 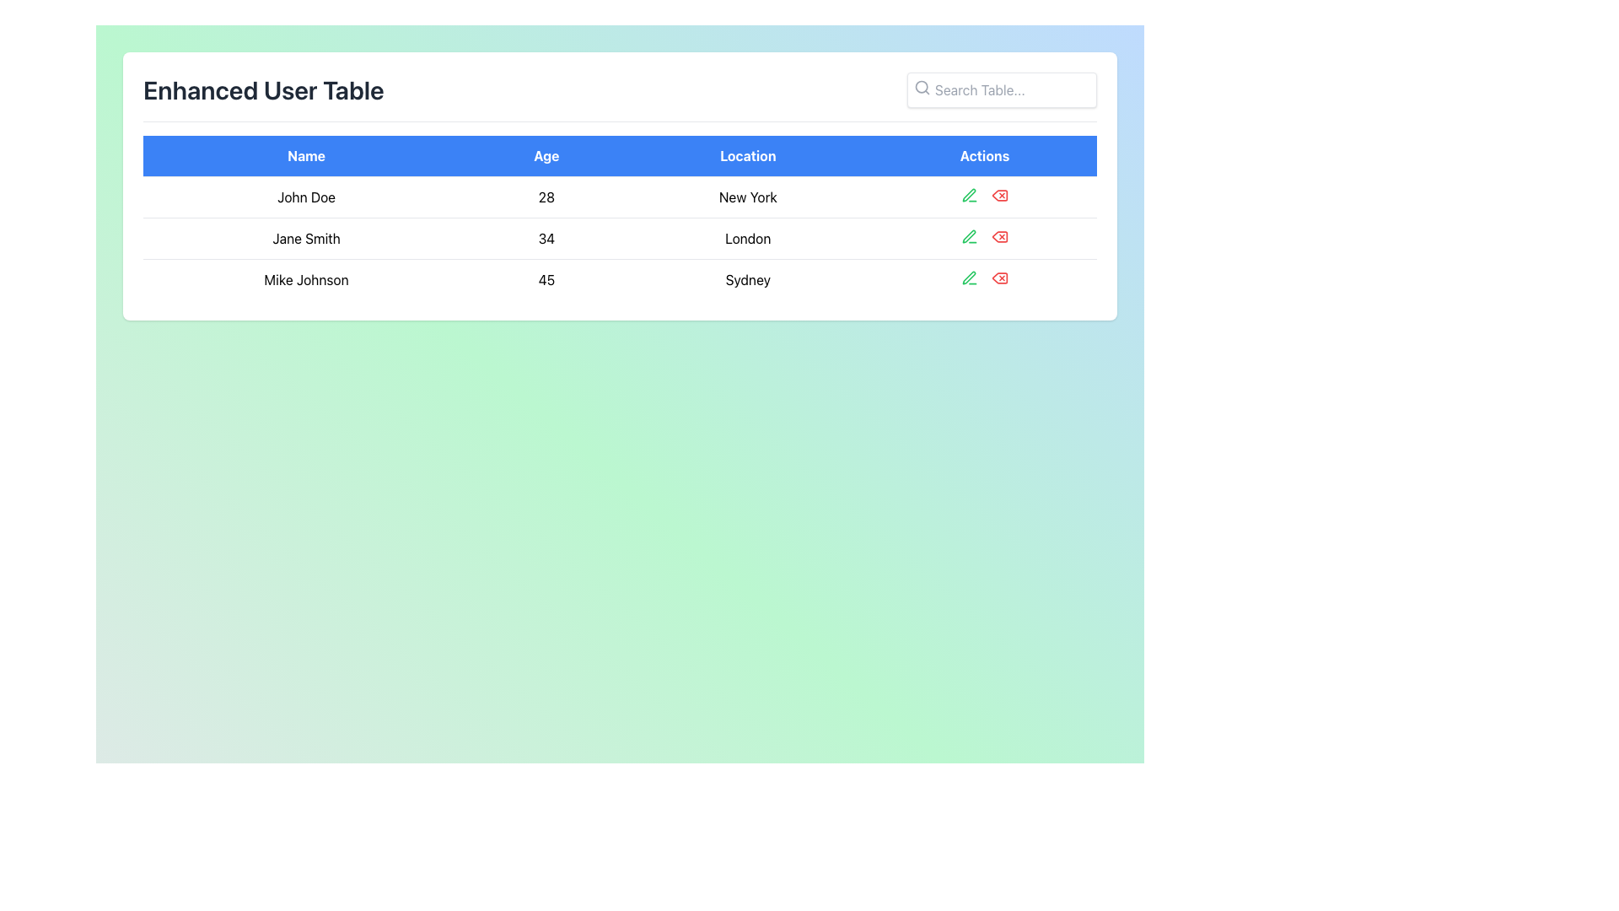 I want to click on text content of the 'New York' display in the third cell of the first row under the 'Location' column of the table, so click(x=747, y=197).